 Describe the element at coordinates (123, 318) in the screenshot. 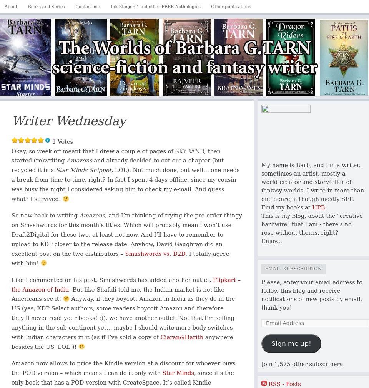

I see `'Anyway, if they boycott Amazon in India as they do in the US (yes, KDP Select authors, some readers boycott Amazon and therefore they’ll never read your books! ;)), we have another outlet. Not that I’m selling anything in the sub-continent yet… maybe I should write more body switches with Indian characters in it (as if I’ve sold a copy of'` at that location.